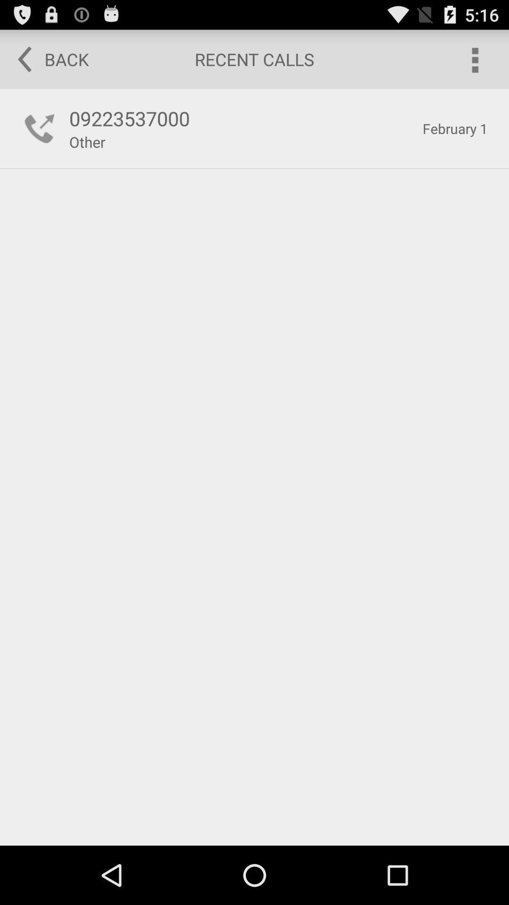  What do you see at coordinates (474, 58) in the screenshot?
I see `options menu` at bounding box center [474, 58].